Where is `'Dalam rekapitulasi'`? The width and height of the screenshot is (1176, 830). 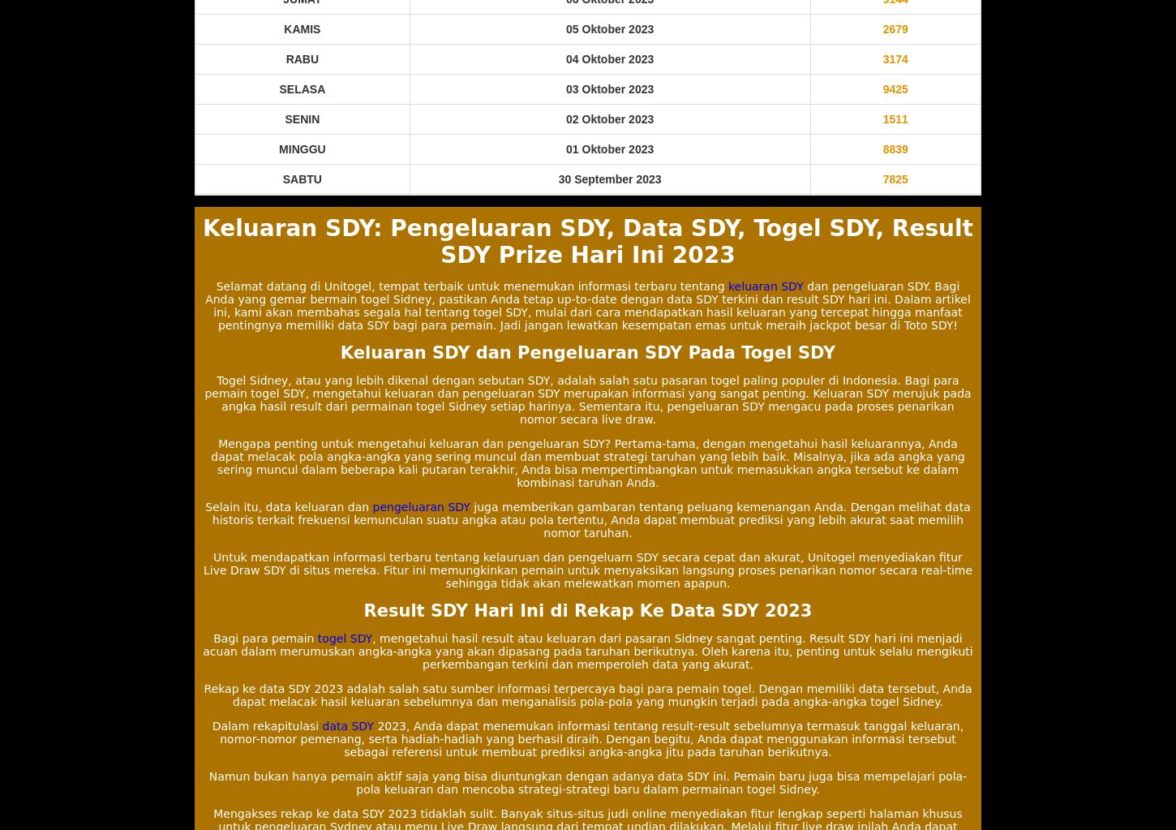 'Dalam rekapitulasi' is located at coordinates (267, 725).